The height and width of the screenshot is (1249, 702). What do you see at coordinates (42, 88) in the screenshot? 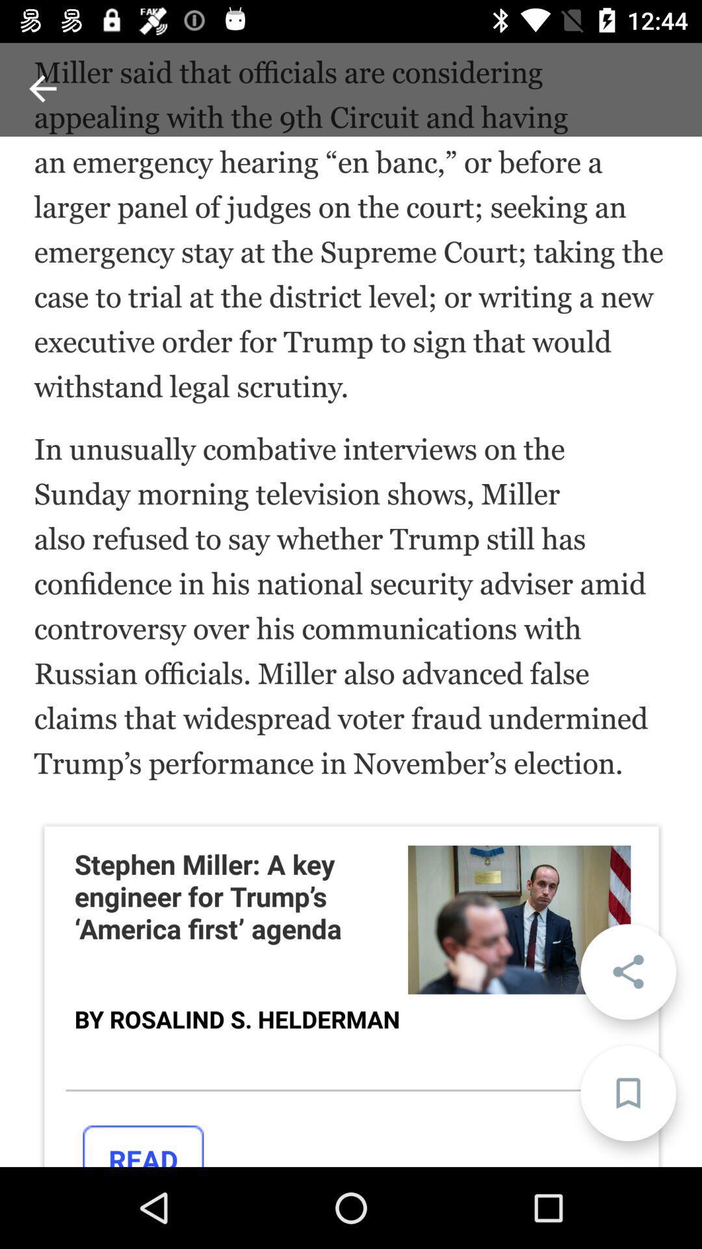
I see `the arrow_backward icon` at bounding box center [42, 88].